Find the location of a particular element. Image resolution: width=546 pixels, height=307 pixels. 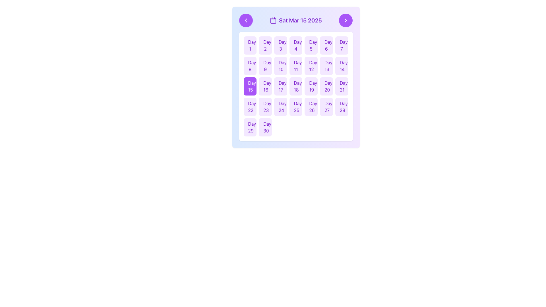

the 'Day 10' button, which is a rectangular button with rounded corners, purple background, and white text, located in the second row and third column of the calendar grid is located at coordinates (280, 65).